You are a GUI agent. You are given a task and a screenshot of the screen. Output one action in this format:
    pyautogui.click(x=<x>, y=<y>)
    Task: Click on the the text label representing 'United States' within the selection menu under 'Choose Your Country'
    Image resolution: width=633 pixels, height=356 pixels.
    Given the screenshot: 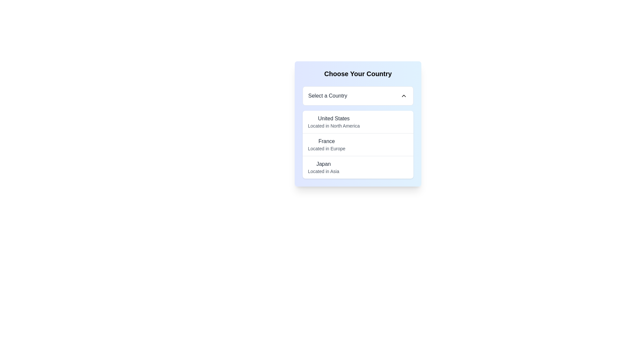 What is the action you would take?
    pyautogui.click(x=334, y=118)
    